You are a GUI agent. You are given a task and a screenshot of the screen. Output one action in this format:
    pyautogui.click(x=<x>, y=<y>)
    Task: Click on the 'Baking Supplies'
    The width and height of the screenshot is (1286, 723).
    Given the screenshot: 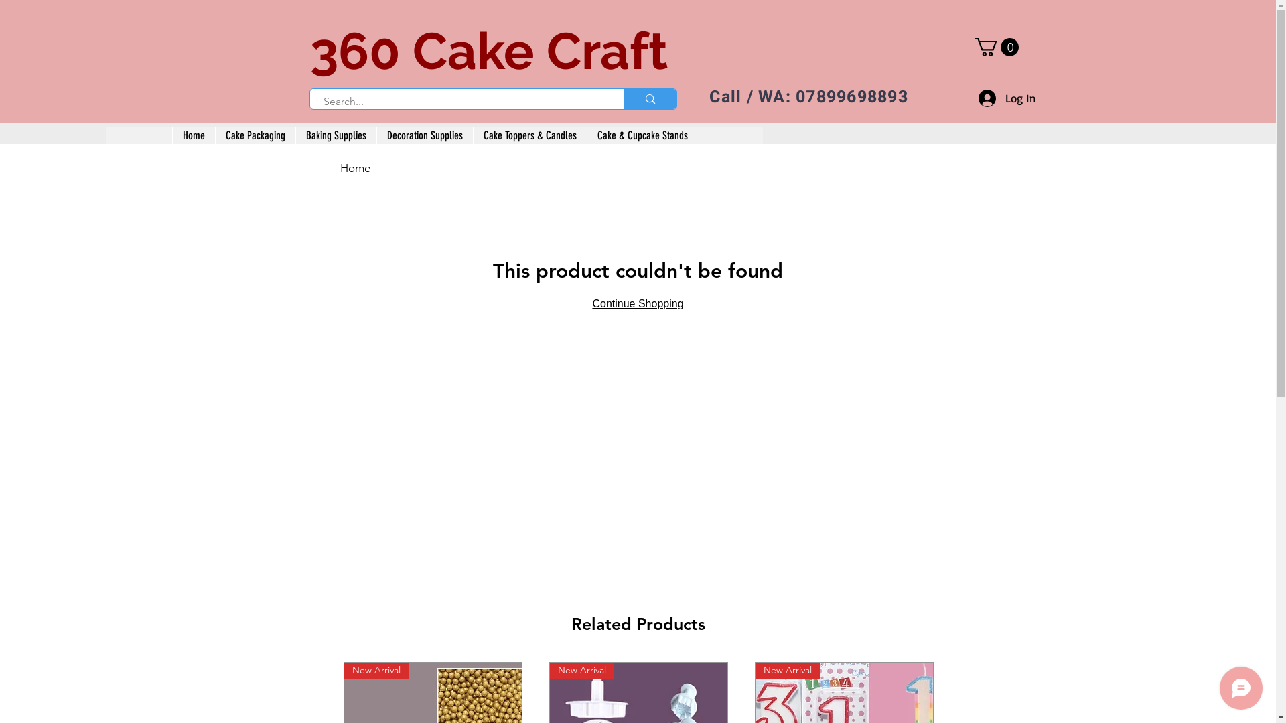 What is the action you would take?
    pyautogui.click(x=335, y=135)
    